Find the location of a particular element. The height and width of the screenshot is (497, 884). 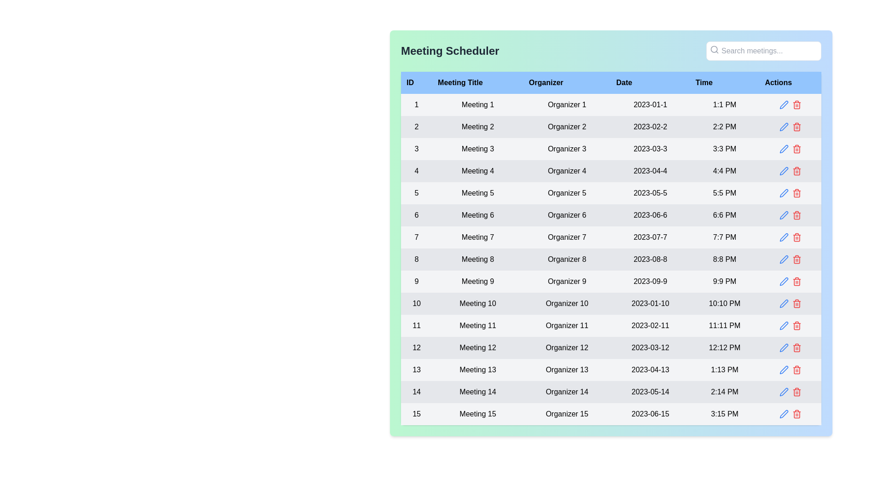

the static text label representing the unique identifier for Meeting 4 is located at coordinates (416, 171).